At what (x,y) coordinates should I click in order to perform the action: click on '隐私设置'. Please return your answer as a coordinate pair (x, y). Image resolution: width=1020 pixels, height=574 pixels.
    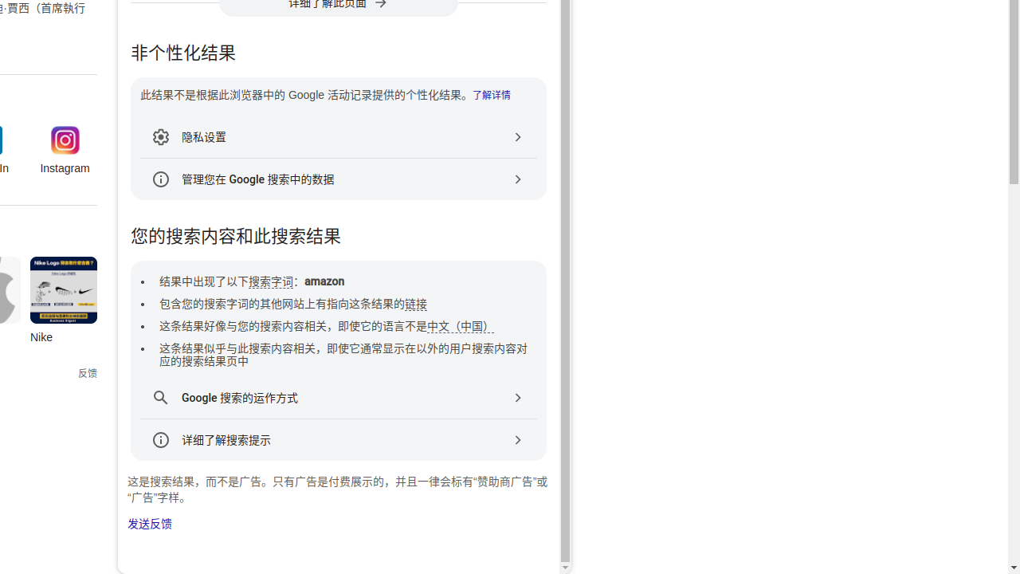
    Looking at the image, I should click on (337, 136).